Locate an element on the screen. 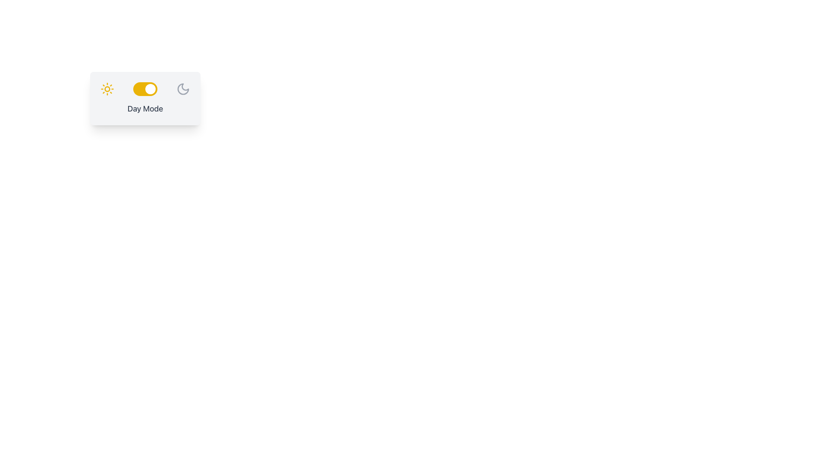  the decorative Circle element located at the center of the sun icon, which symbolizes the sun's brightness is located at coordinates (107, 89).